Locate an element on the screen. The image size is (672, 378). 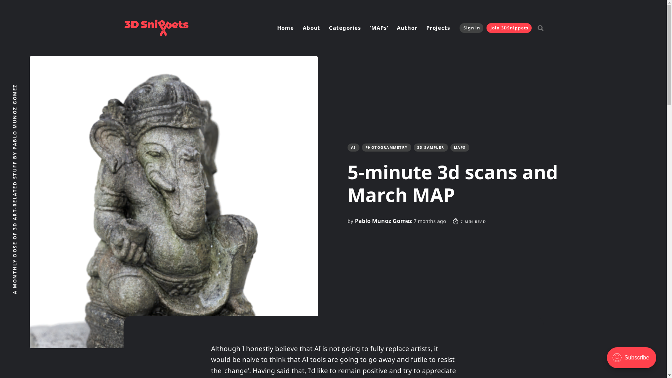
'PHOTOGRAMMETRY' is located at coordinates (386, 147).